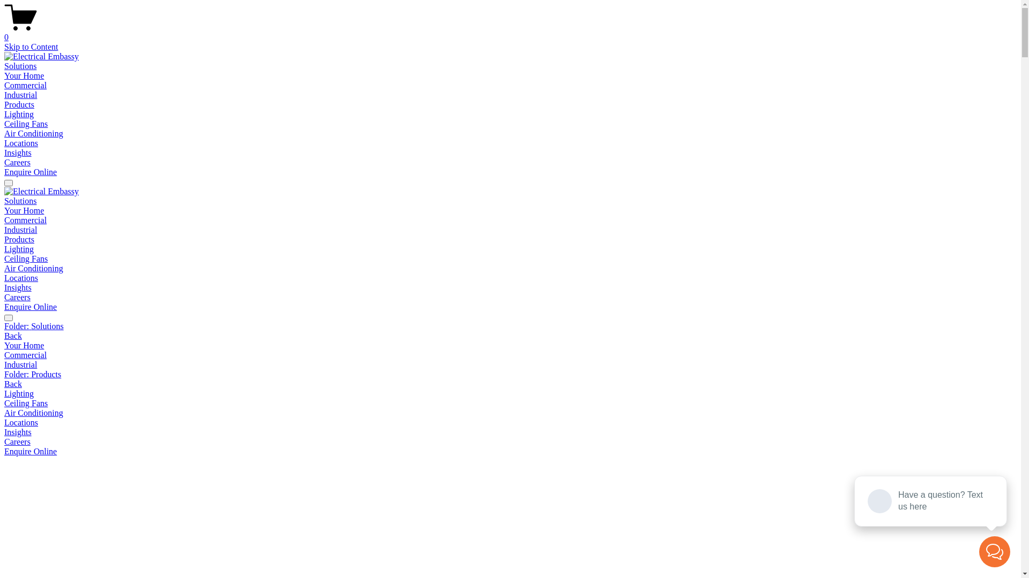 This screenshot has width=1029, height=578. What do you see at coordinates (510, 355) in the screenshot?
I see `'Commercial'` at bounding box center [510, 355].